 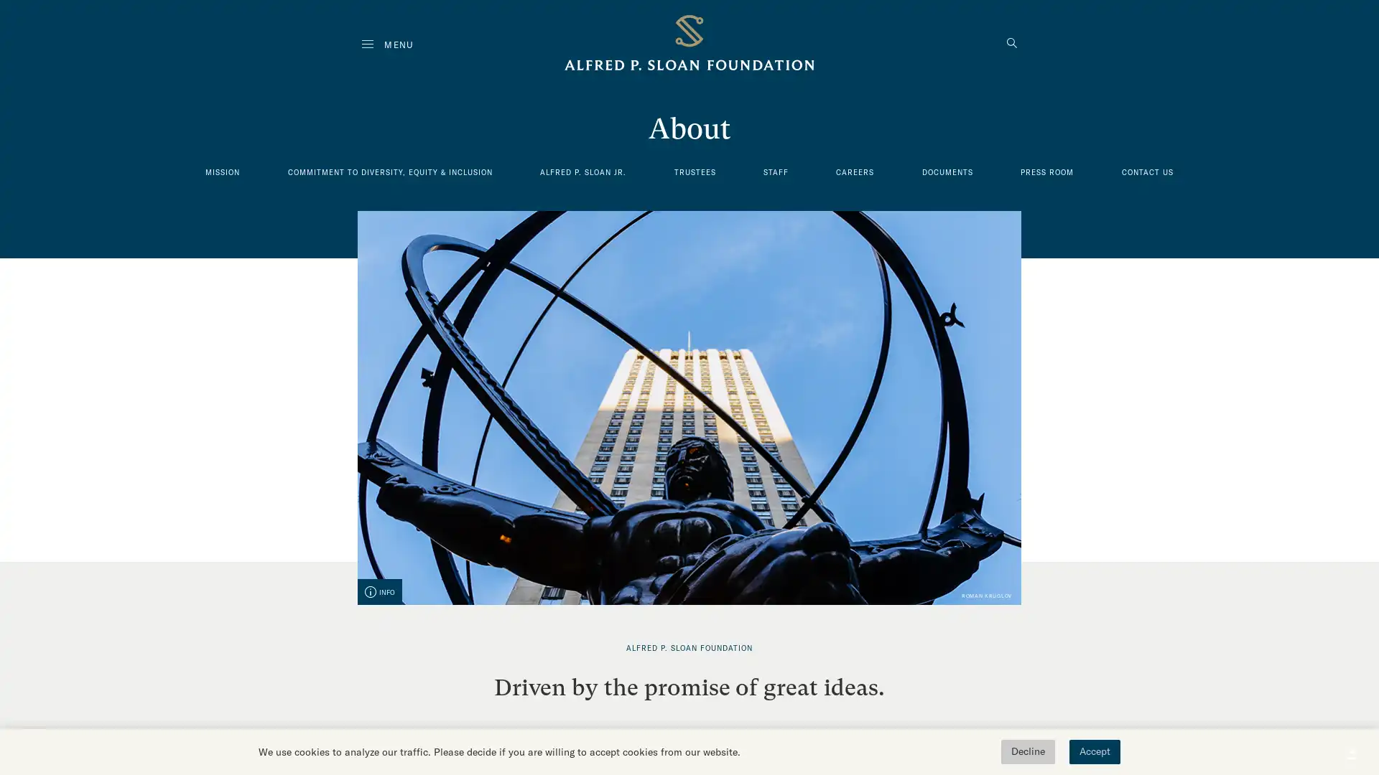 What do you see at coordinates (1027, 751) in the screenshot?
I see `Decline` at bounding box center [1027, 751].